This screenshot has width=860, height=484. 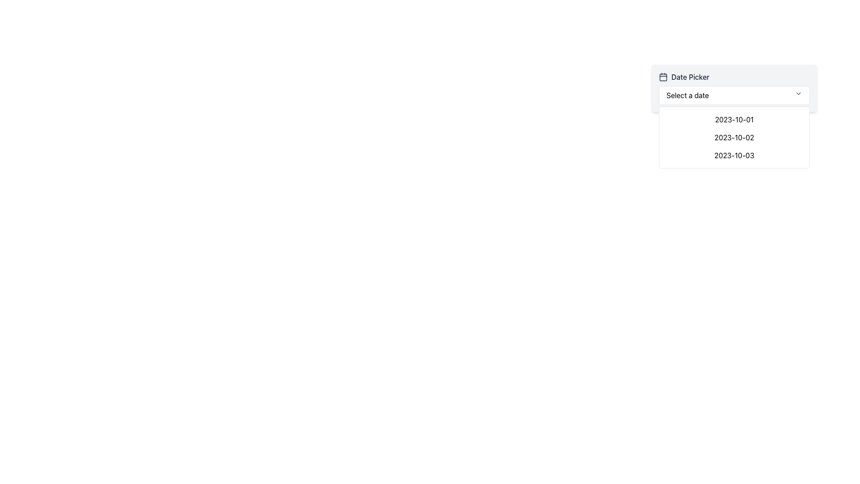 What do you see at coordinates (734, 138) in the screenshot?
I see `the second date item ('2023-10-02') in the date picker dropdown menu` at bounding box center [734, 138].